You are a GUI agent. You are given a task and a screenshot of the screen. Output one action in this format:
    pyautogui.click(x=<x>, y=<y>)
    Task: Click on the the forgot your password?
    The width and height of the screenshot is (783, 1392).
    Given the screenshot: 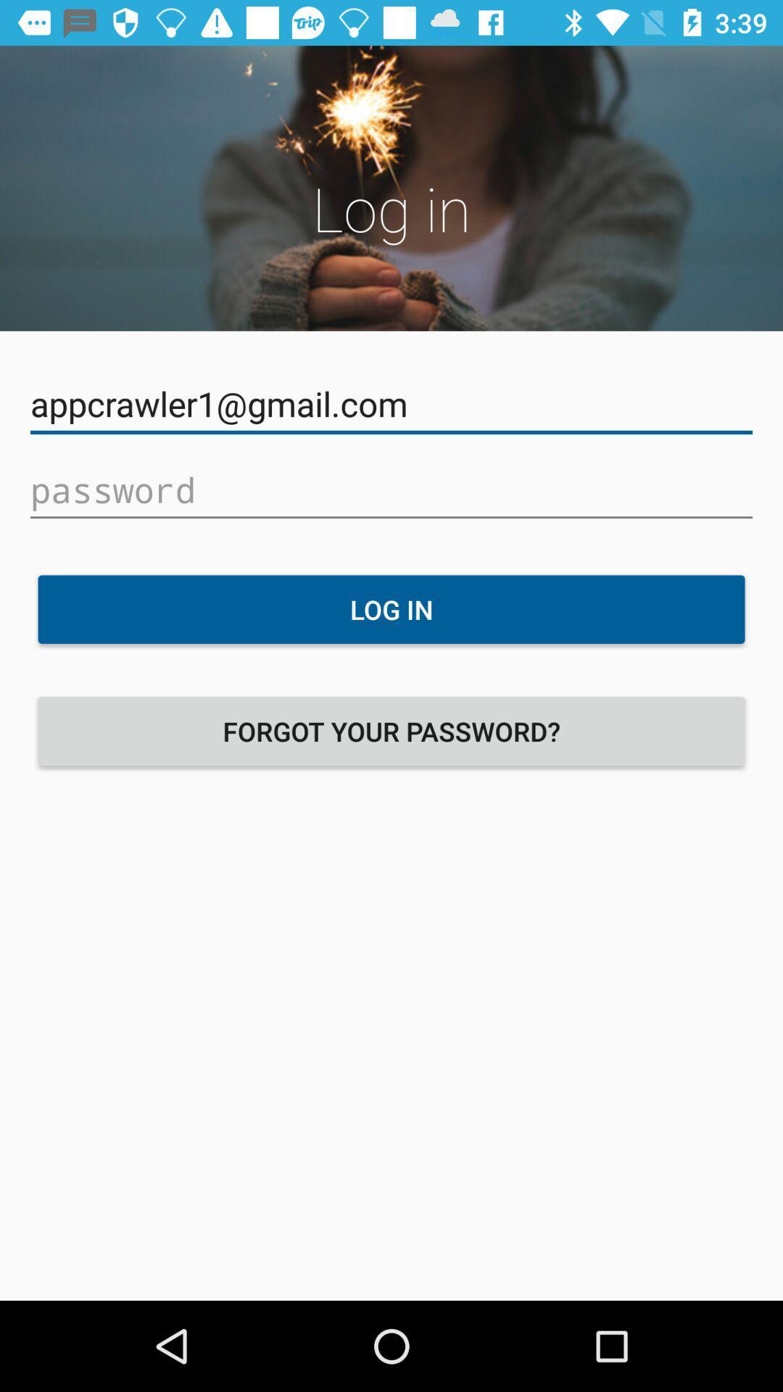 What is the action you would take?
    pyautogui.click(x=391, y=731)
    